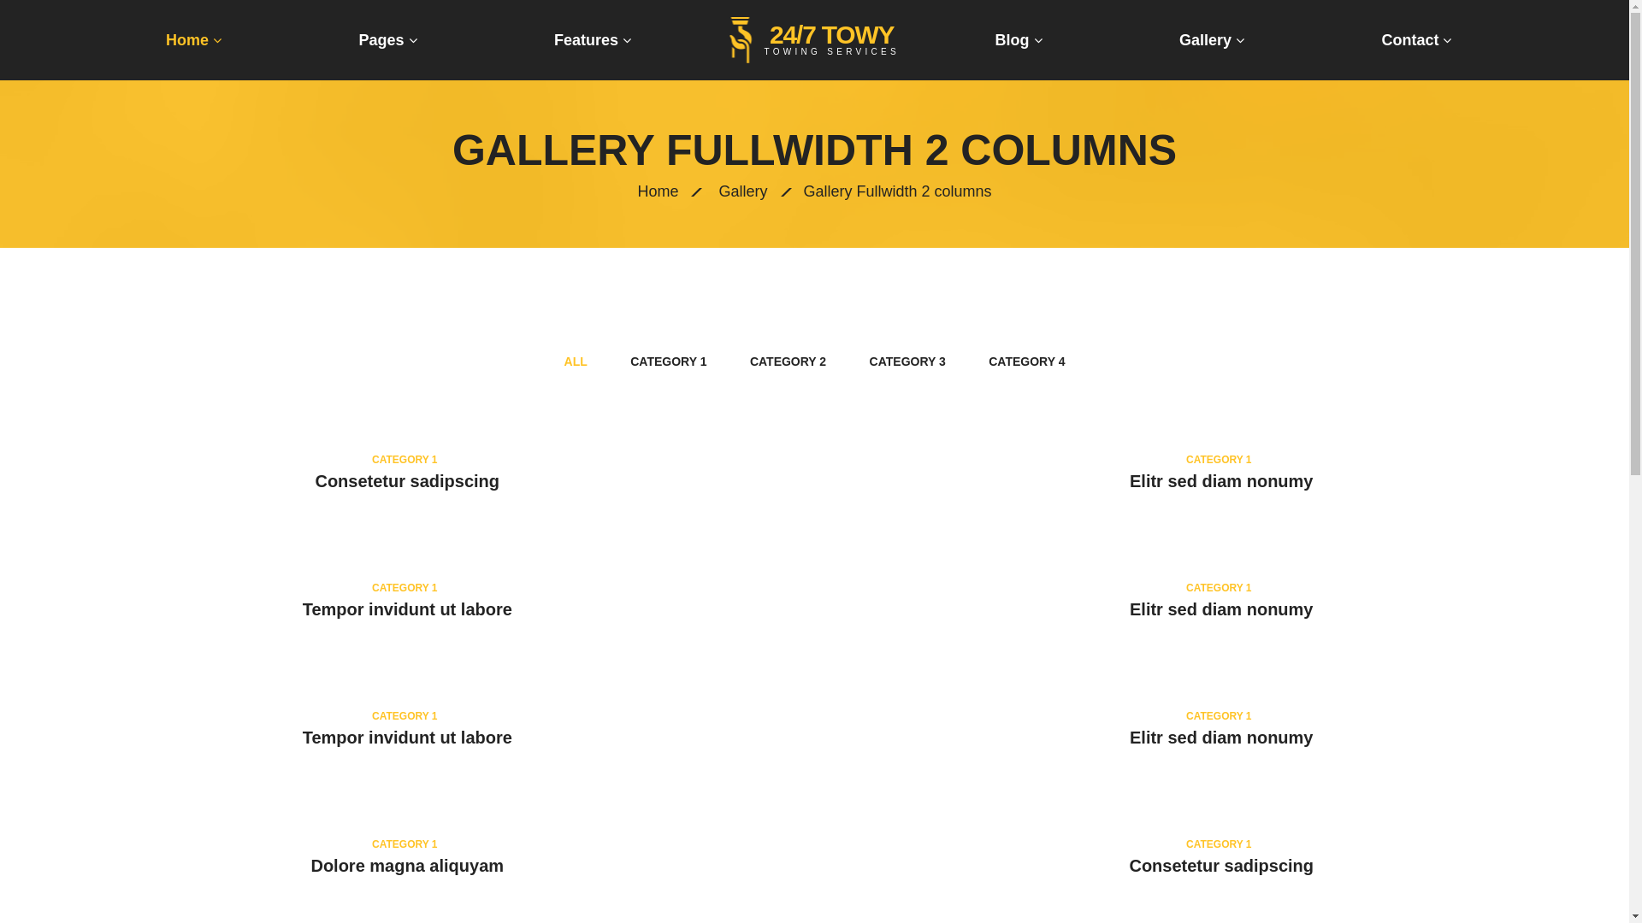  I want to click on 'Features', so click(592, 38).